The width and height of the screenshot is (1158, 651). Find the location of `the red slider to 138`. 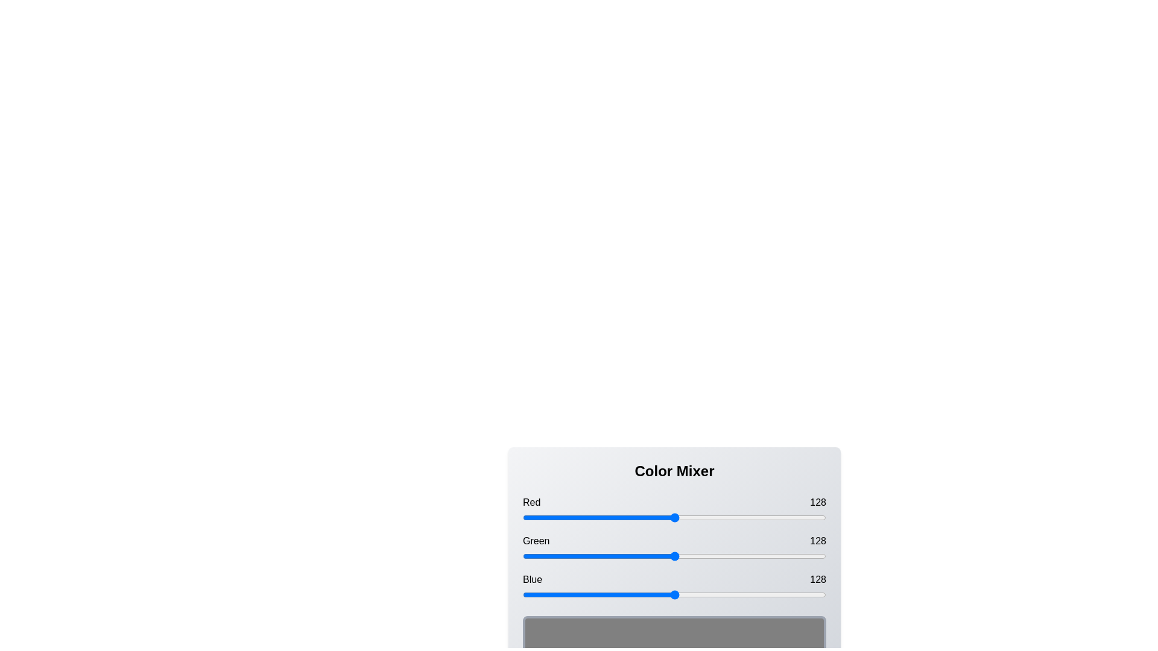

the red slider to 138 is located at coordinates (687, 517).